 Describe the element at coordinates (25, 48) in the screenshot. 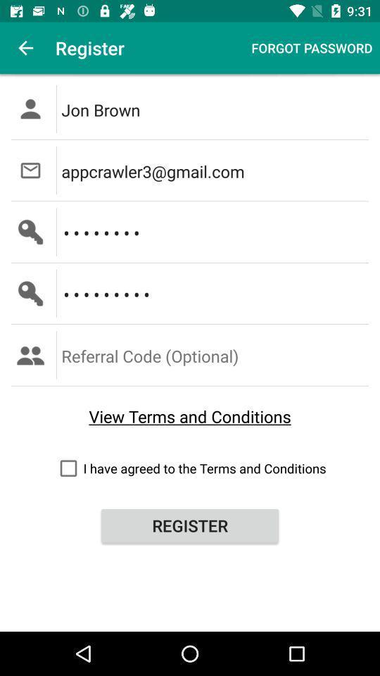

I see `the icon to the left of the register icon` at that location.